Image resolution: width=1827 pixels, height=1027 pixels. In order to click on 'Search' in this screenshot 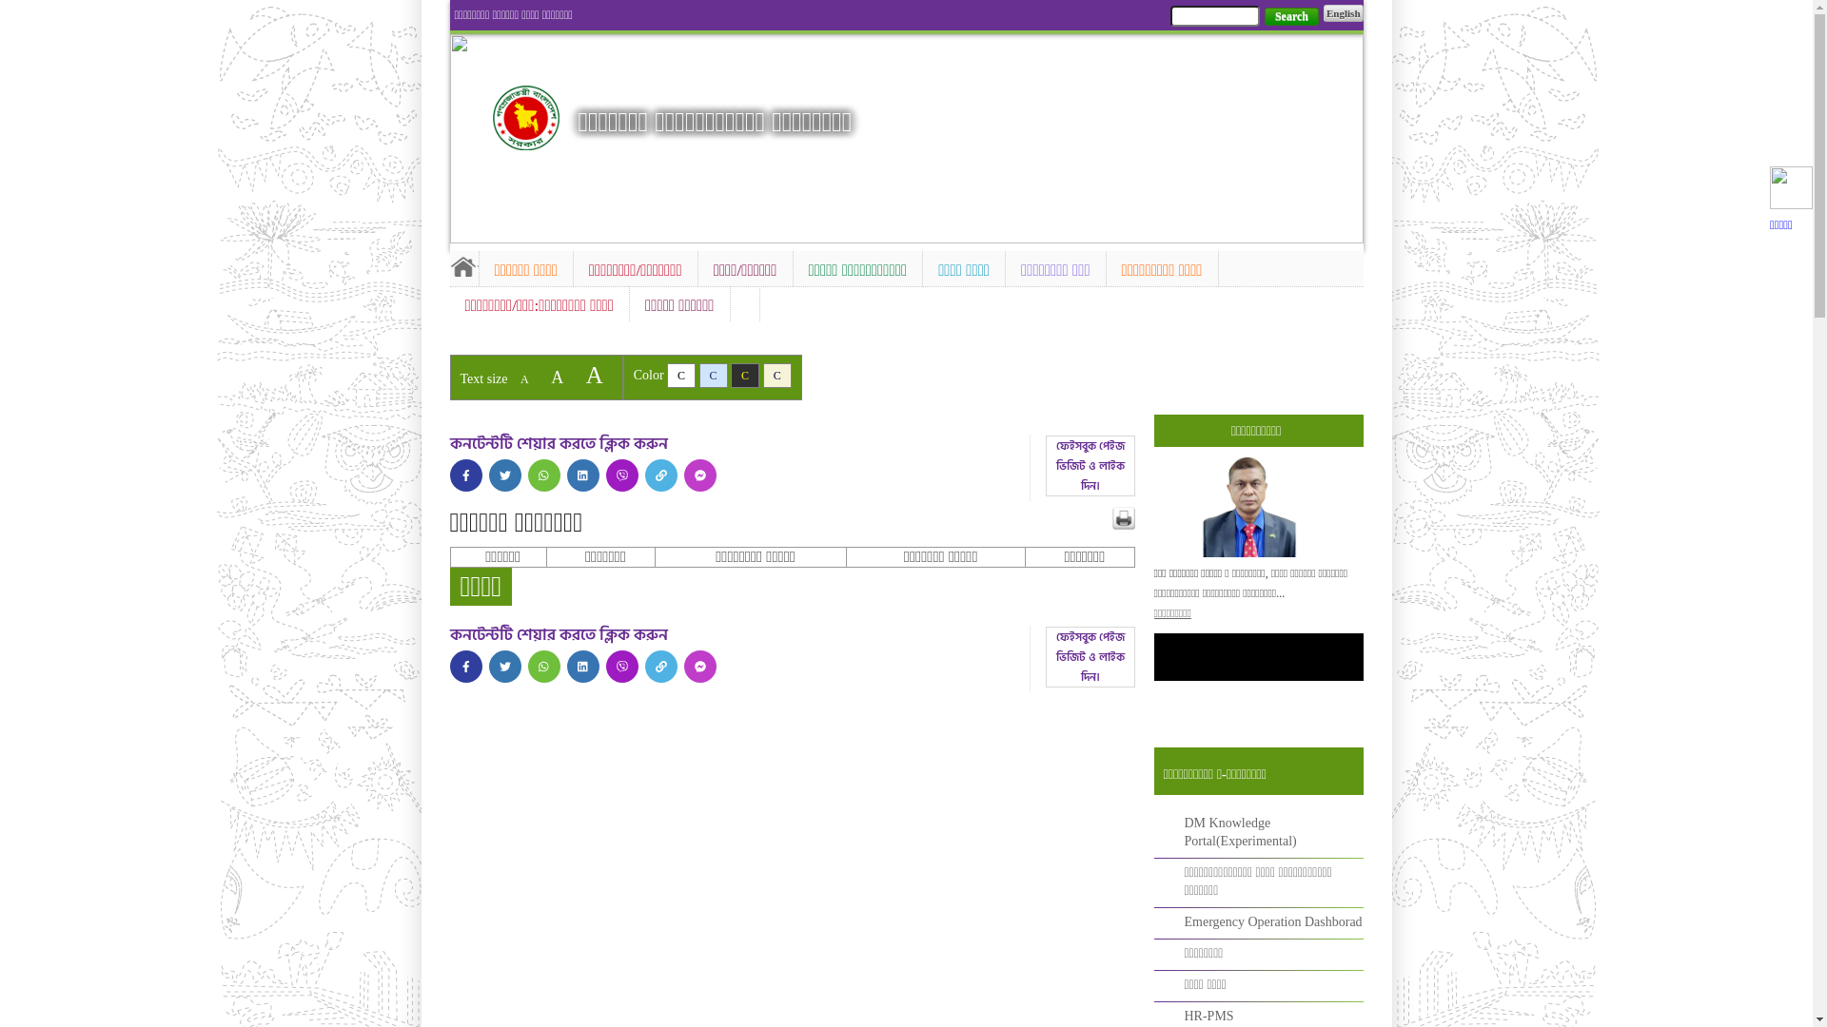, I will do `click(1291, 16)`.